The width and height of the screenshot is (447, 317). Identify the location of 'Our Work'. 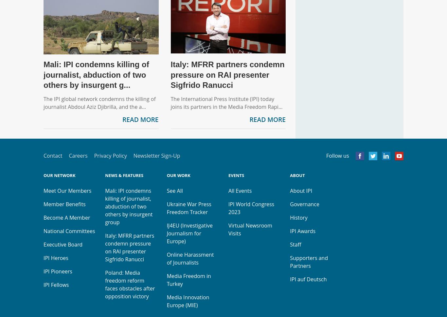
(166, 175).